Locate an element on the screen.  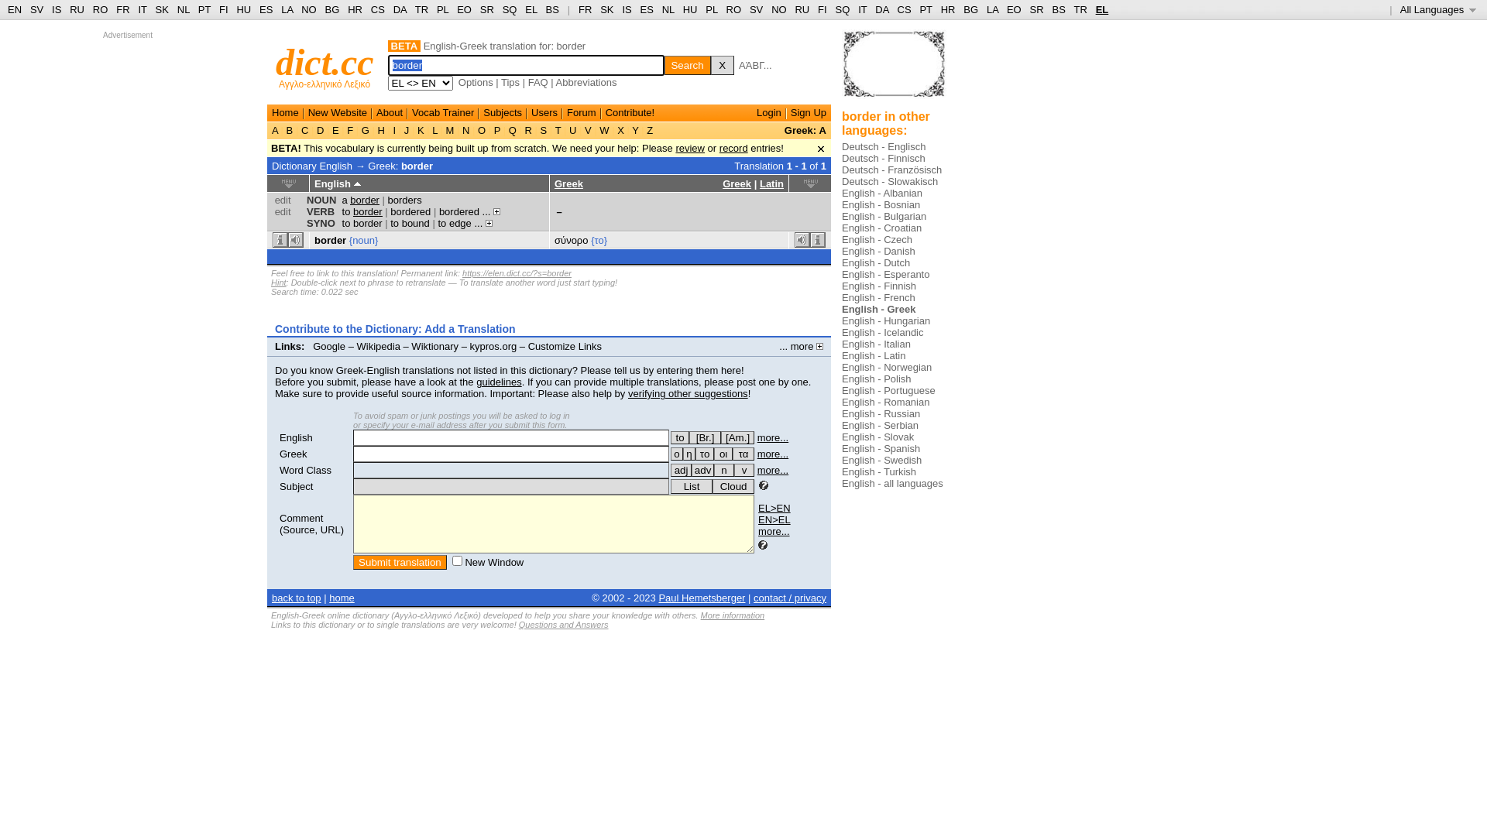
'D' is located at coordinates (312, 129).